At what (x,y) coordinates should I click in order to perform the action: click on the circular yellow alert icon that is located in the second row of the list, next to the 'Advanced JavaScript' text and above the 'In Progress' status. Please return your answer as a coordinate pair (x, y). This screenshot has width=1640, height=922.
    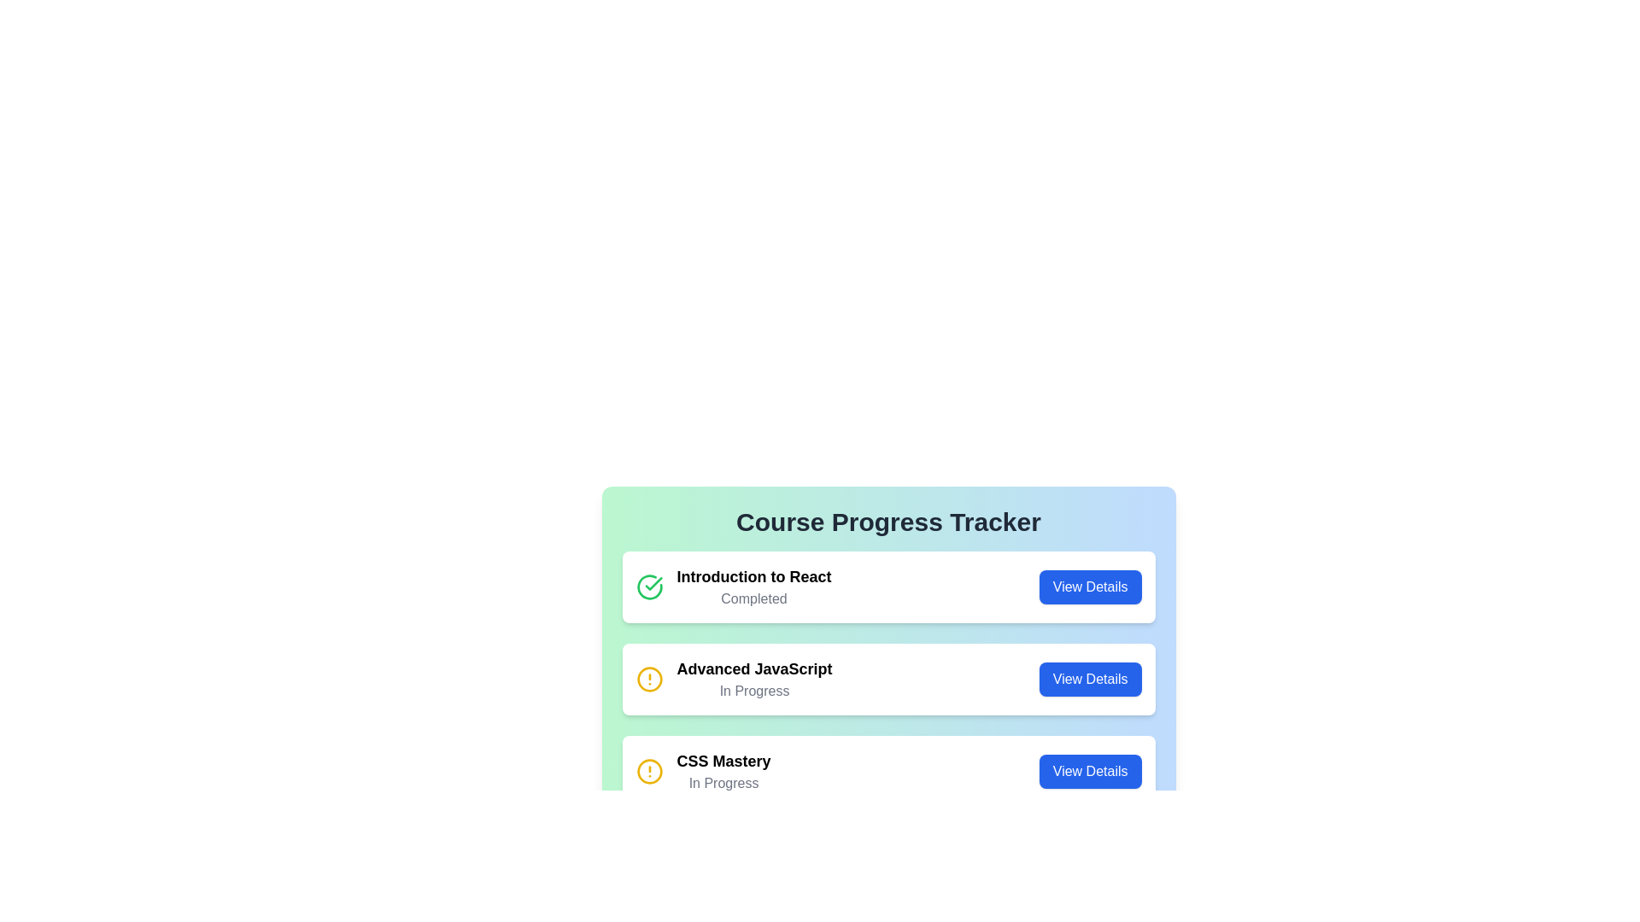
    Looking at the image, I should click on (648, 678).